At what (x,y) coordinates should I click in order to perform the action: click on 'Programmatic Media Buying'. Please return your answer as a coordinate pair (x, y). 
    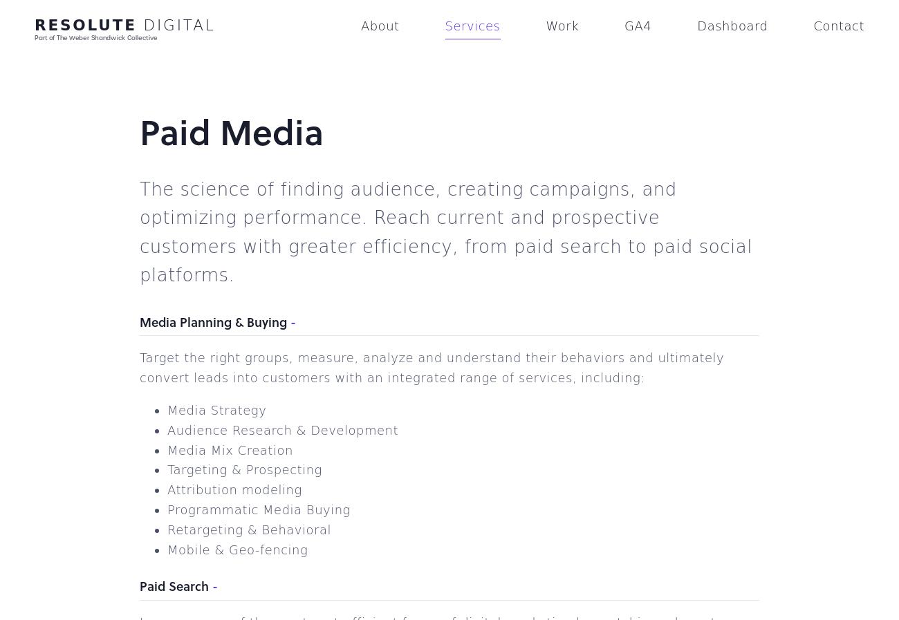
    Looking at the image, I should click on (258, 509).